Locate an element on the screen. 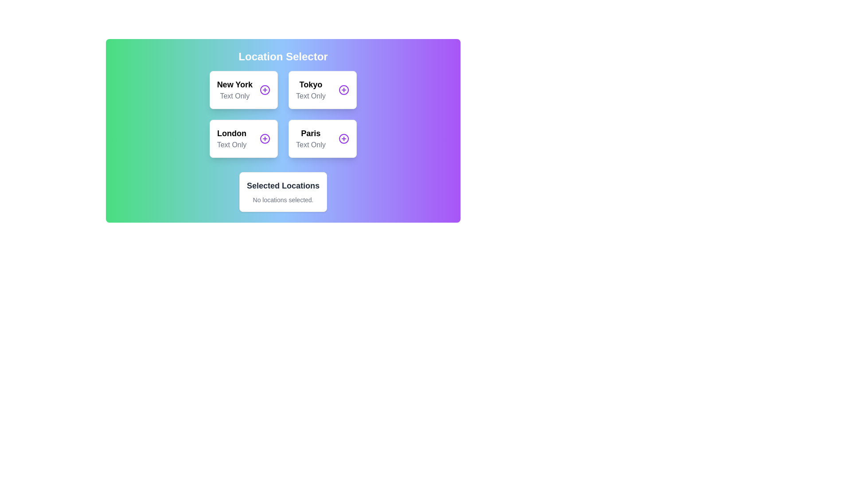 This screenshot has width=851, height=479. the 'Tokyo' text label, which is styled with a white background and shadow effect is located at coordinates (311, 90).